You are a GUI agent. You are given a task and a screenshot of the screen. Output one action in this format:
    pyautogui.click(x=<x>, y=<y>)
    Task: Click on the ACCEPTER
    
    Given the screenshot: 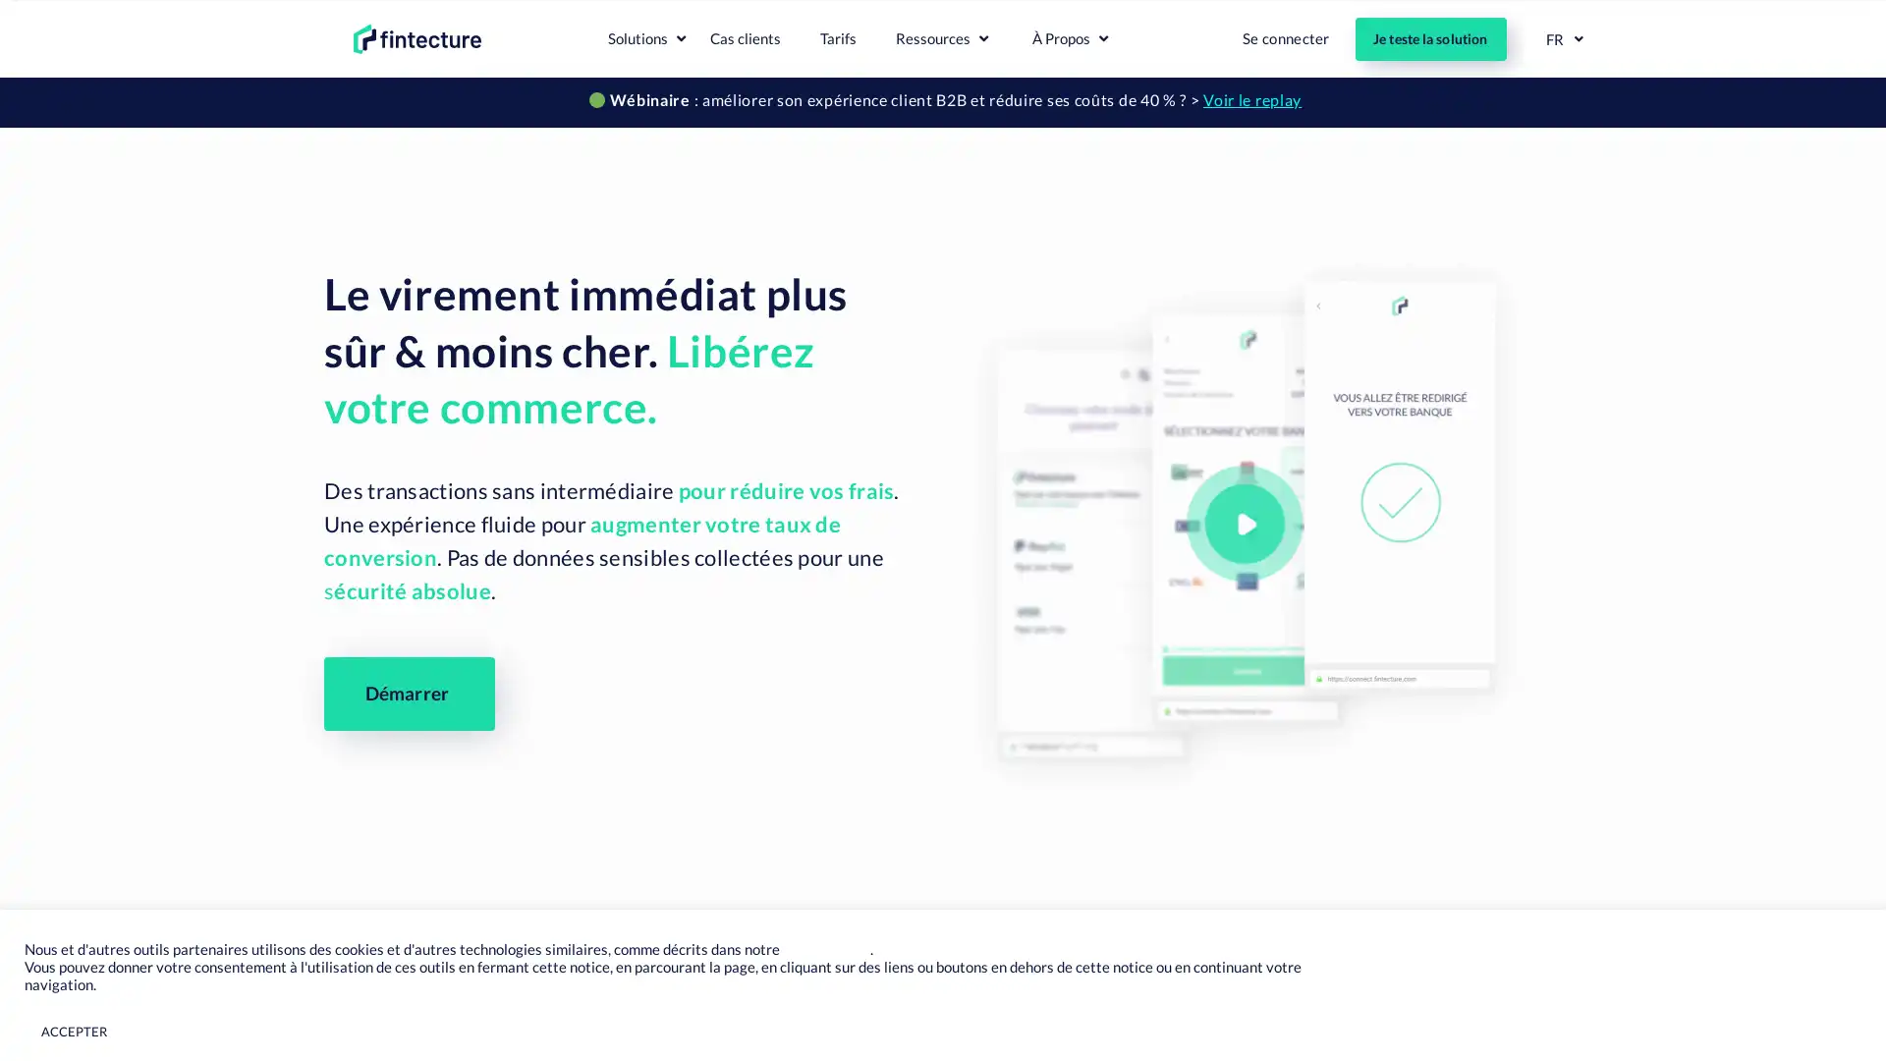 What is the action you would take?
    pyautogui.click(x=74, y=1031)
    